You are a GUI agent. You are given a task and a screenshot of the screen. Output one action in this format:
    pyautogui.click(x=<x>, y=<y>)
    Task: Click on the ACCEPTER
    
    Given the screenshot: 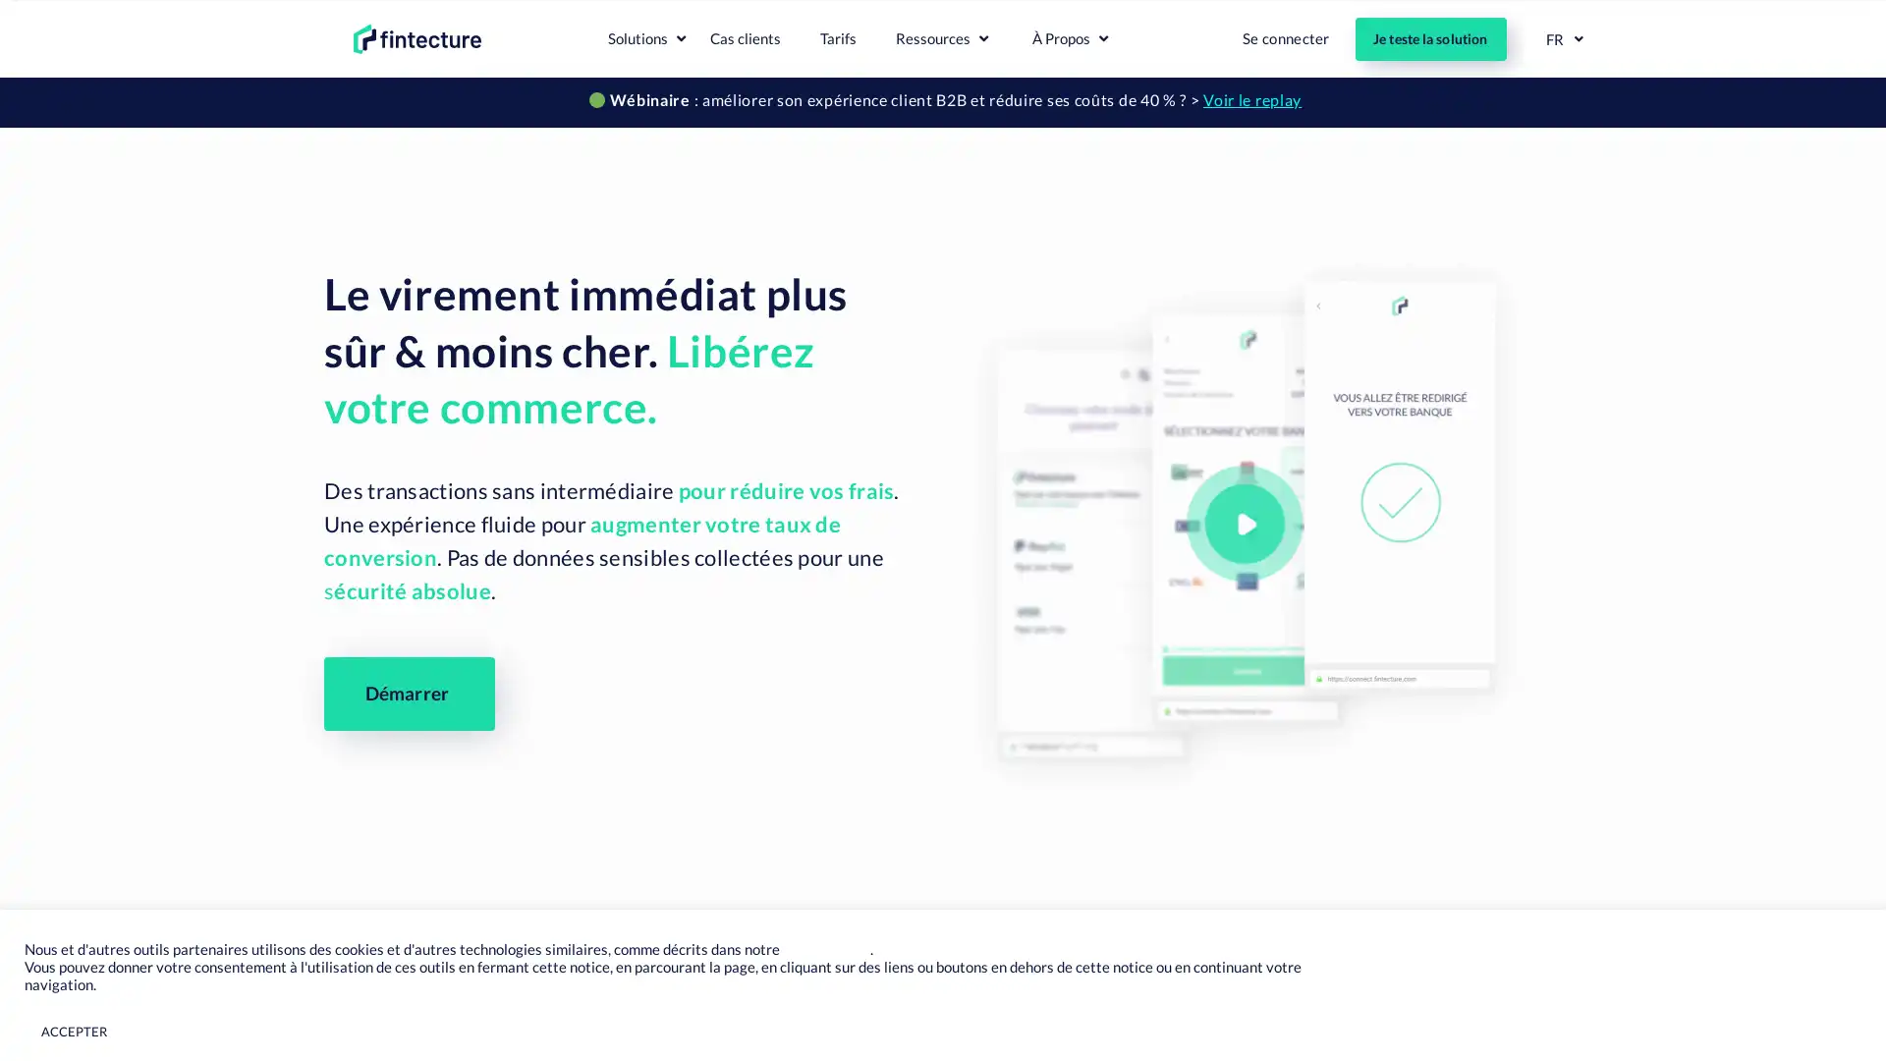 What is the action you would take?
    pyautogui.click(x=74, y=1031)
    